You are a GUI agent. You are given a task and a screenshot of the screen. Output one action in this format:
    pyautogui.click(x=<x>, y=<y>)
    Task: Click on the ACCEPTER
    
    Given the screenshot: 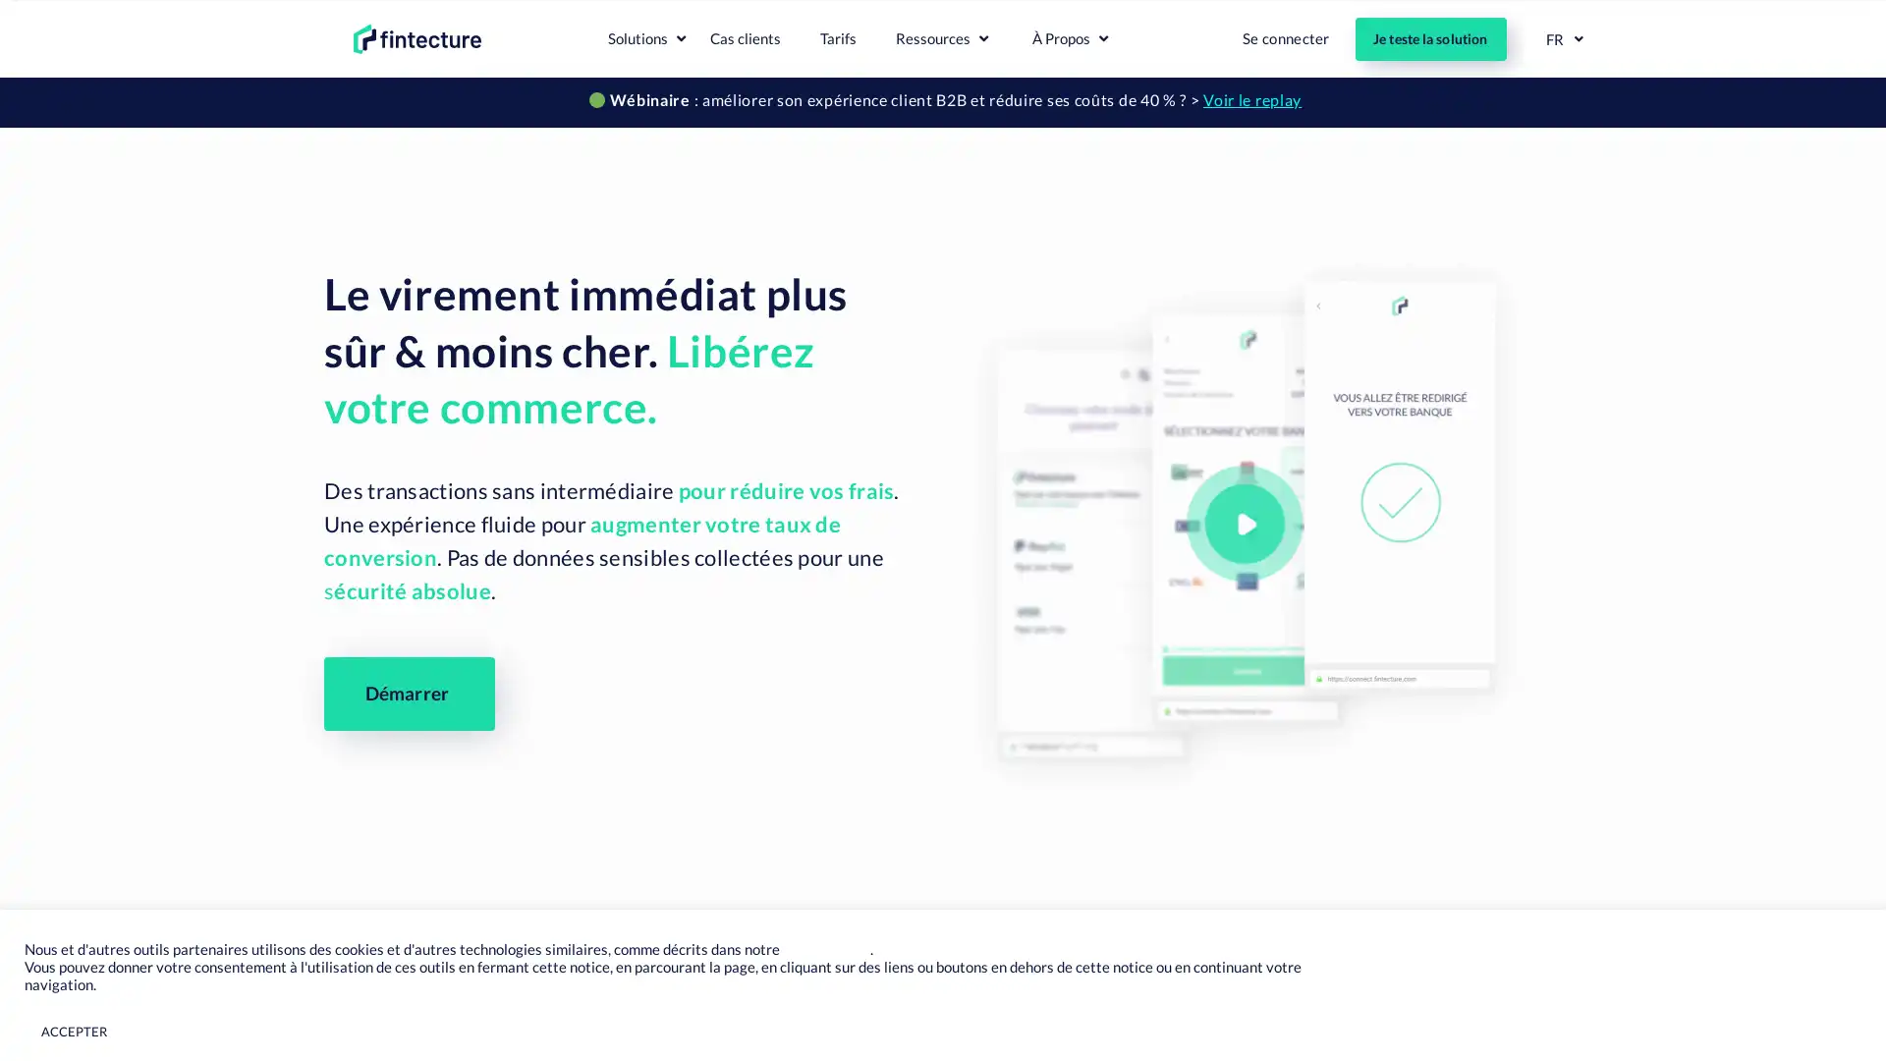 What is the action you would take?
    pyautogui.click(x=74, y=1031)
    